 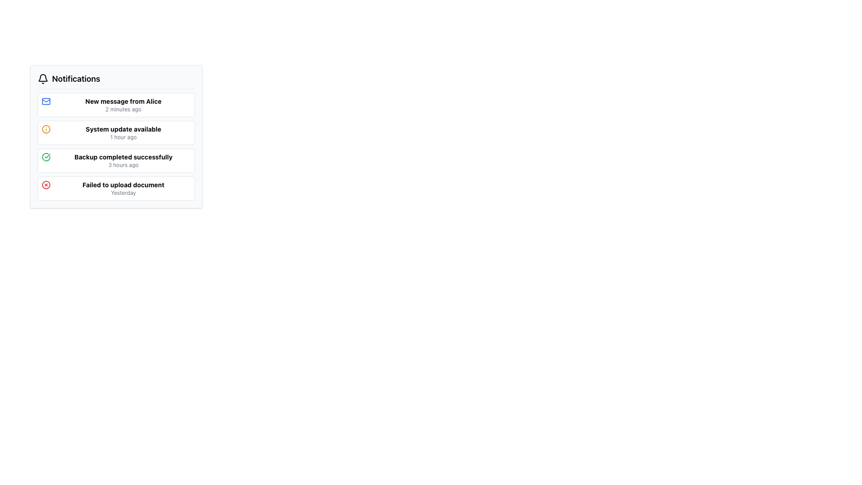 I want to click on text displayed in the notification title, which says 'New message from Alice', located at the top of the first notification block under the 'Notifications' section, so click(x=123, y=101).